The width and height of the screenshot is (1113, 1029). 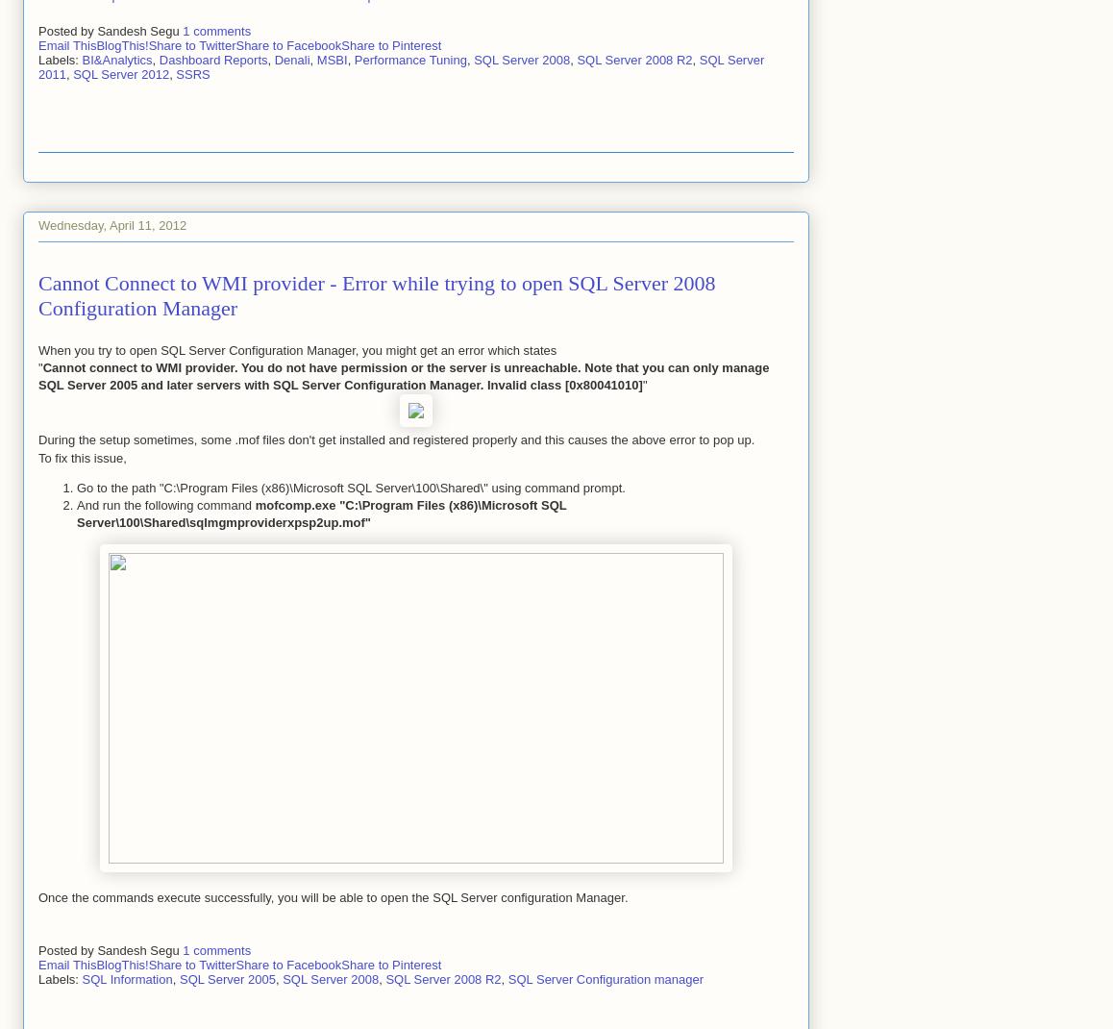 I want to click on 'And run the following command', so click(x=164, y=504).